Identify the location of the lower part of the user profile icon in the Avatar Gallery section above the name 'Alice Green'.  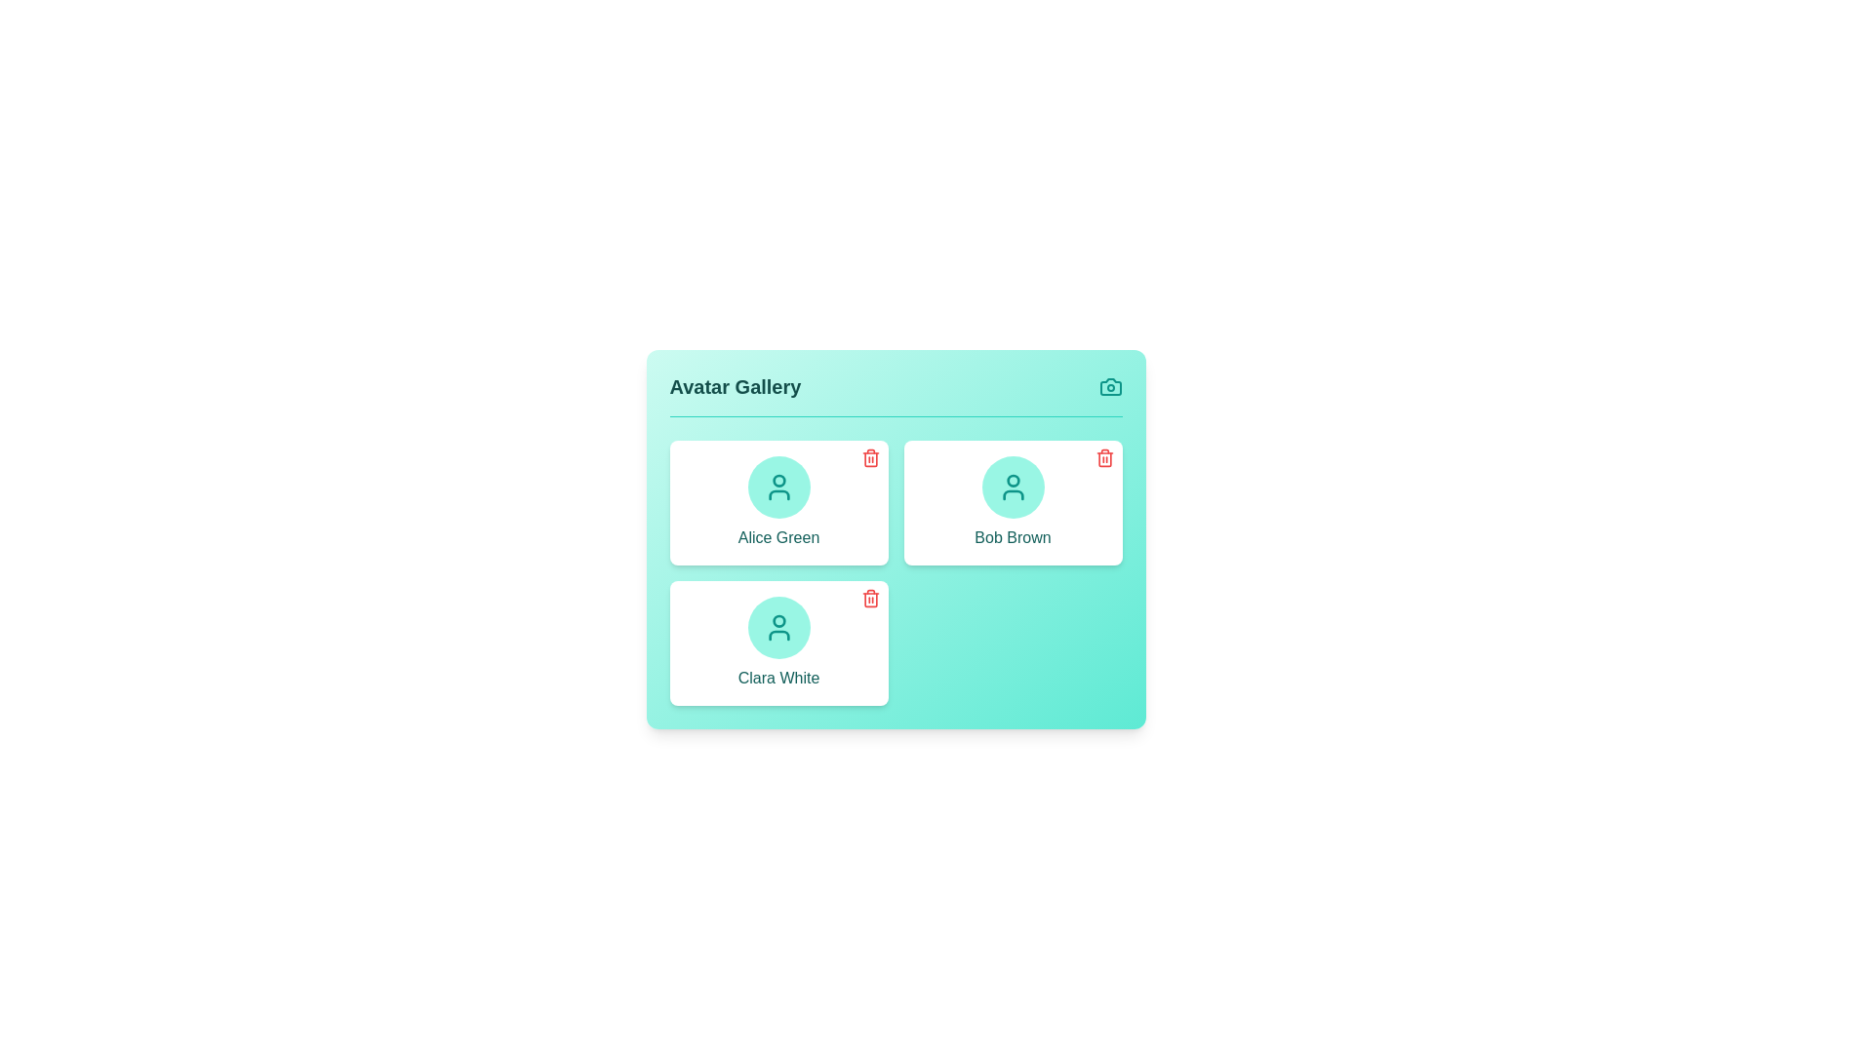
(777, 494).